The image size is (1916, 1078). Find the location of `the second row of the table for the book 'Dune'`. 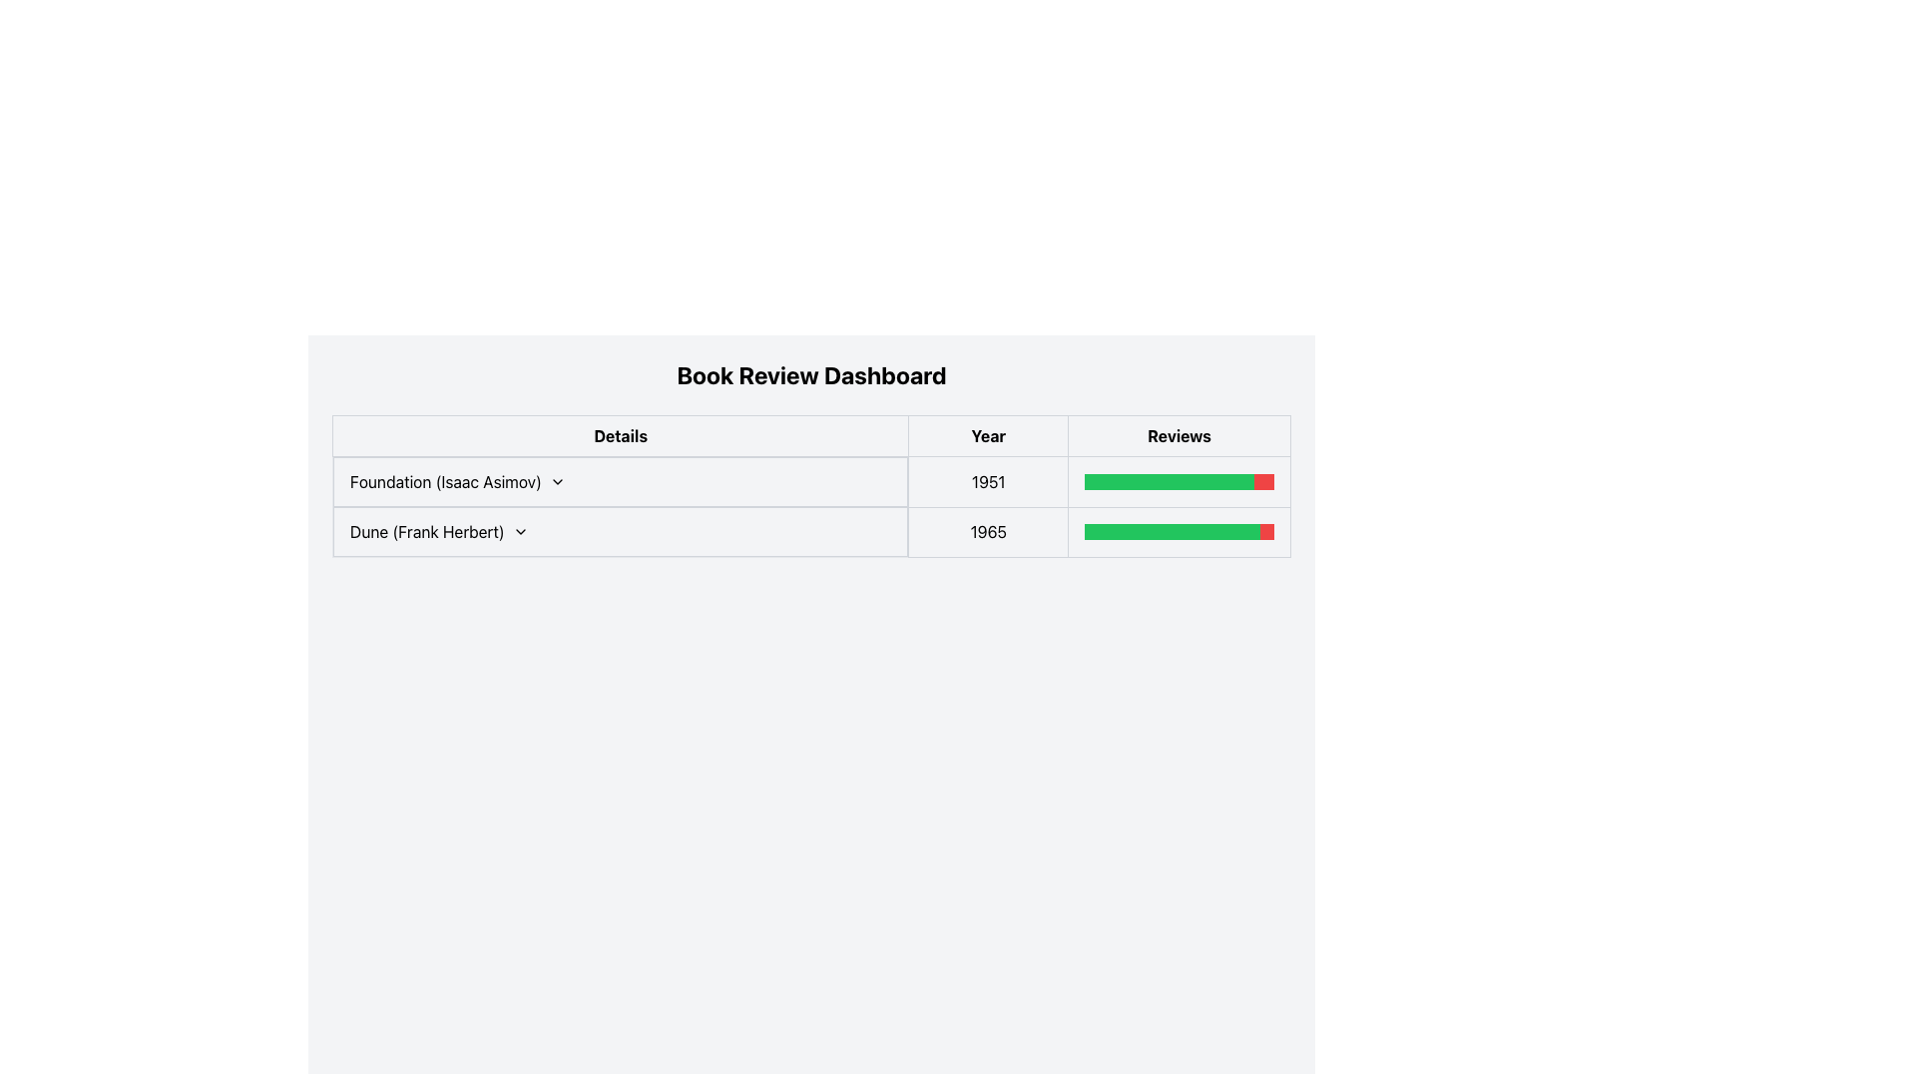

the second row of the table for the book 'Dune' is located at coordinates (811, 531).